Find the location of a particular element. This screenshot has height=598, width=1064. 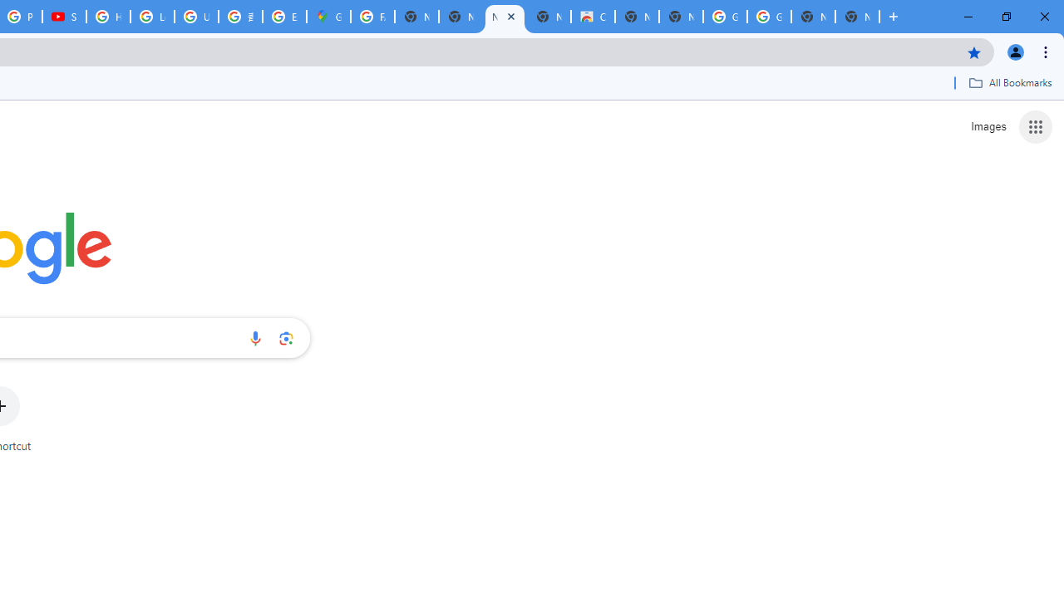

'New Tab' is located at coordinates (857, 17).